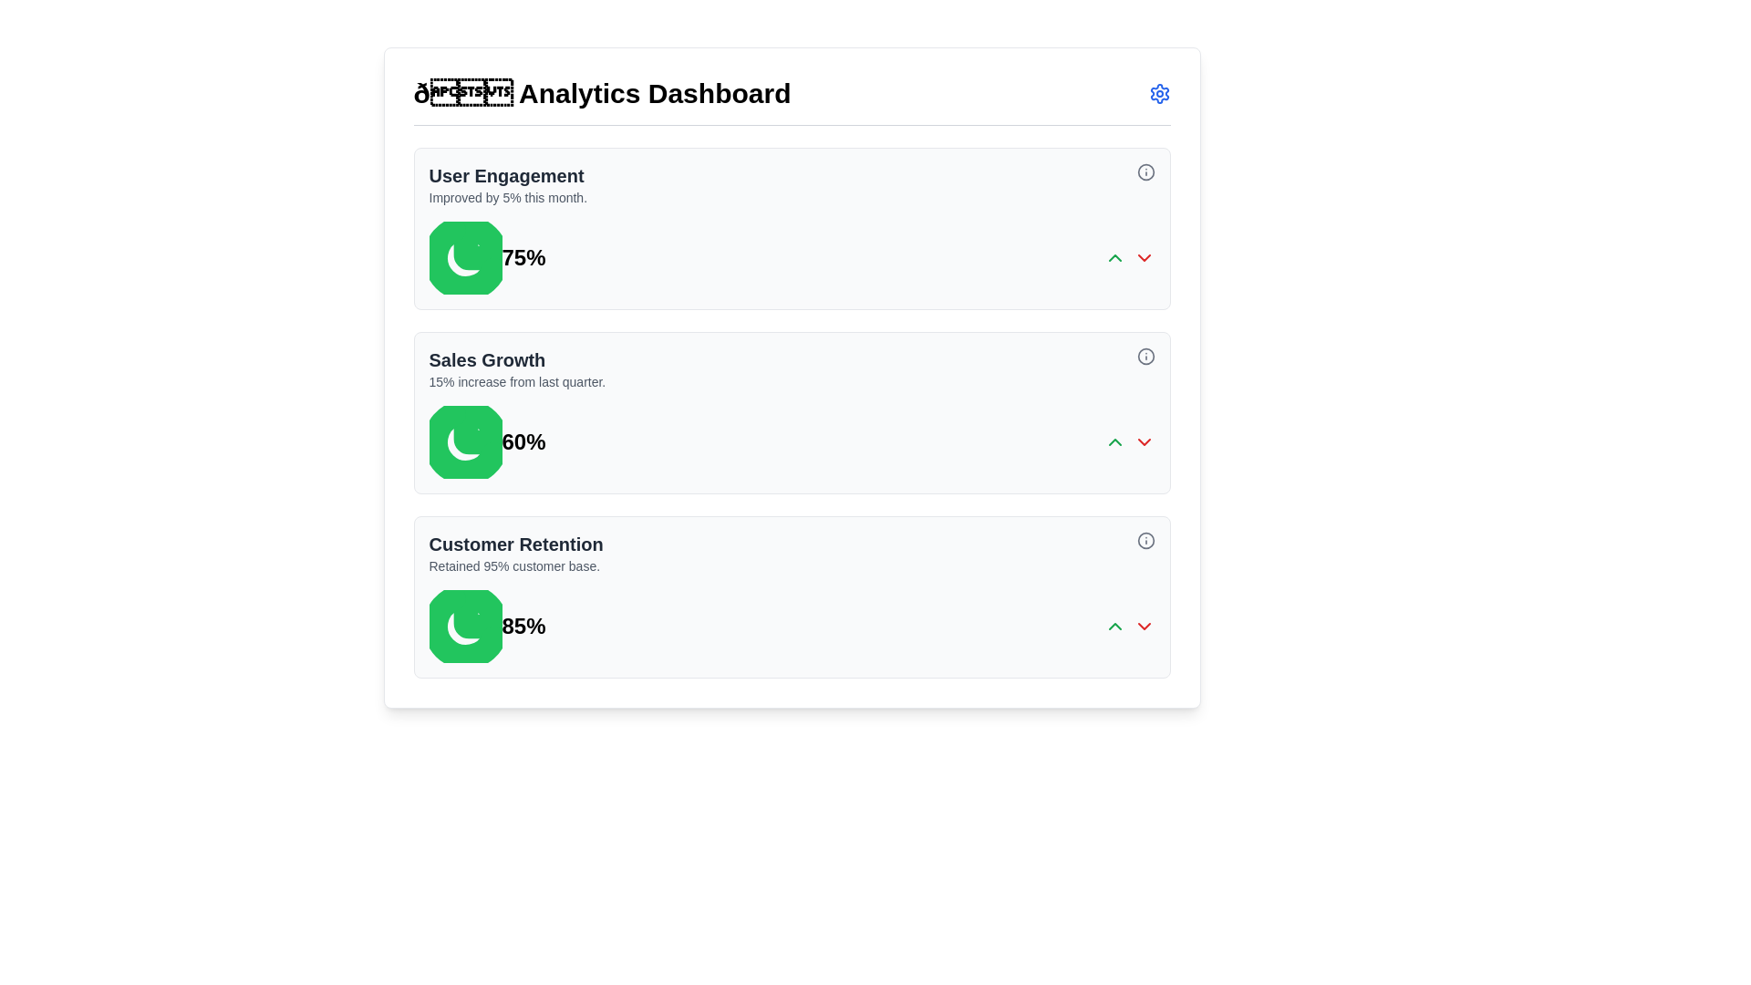  Describe the element at coordinates (1145, 540) in the screenshot. I see `the circle icon located at the top-right corner of the 'Customer Retention' information card, which serves as a visual cue for supplementary information` at that location.